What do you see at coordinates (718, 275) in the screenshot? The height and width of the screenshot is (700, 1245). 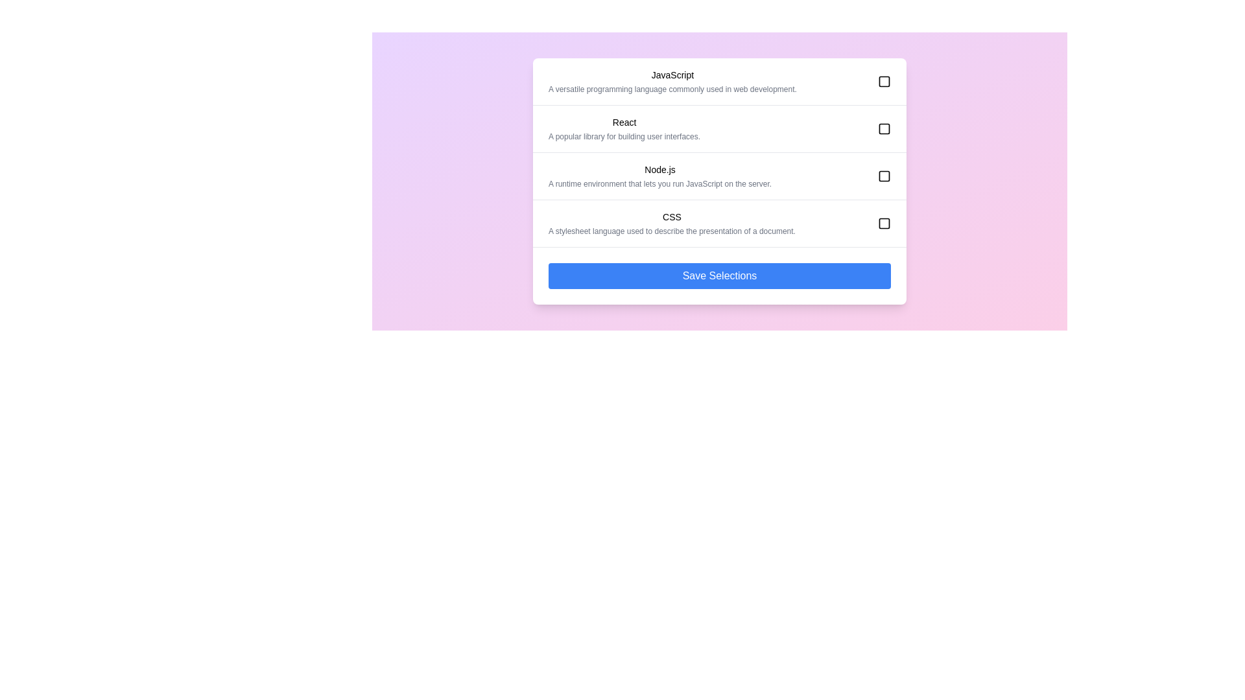 I see `the 'Save Selections' button` at bounding box center [718, 275].